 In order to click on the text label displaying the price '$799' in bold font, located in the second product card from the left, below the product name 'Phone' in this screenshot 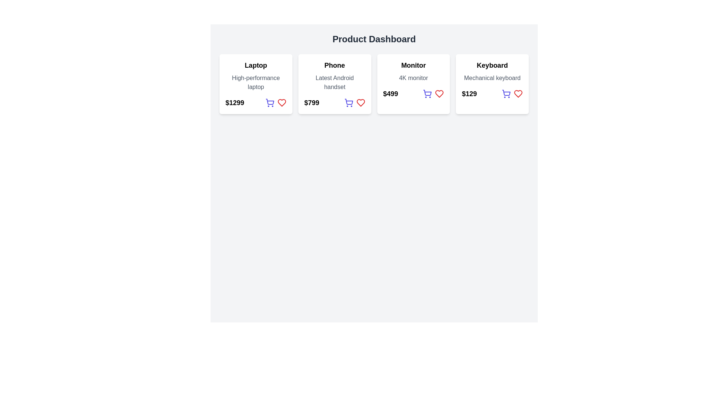, I will do `click(312, 102)`.